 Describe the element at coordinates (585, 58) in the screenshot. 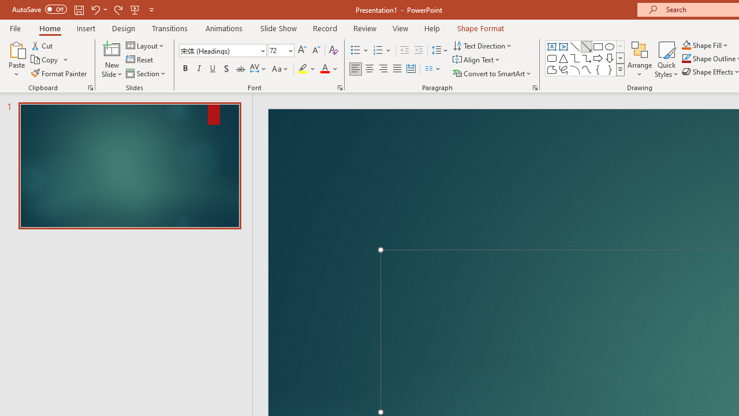

I see `'AutomationID: ShapesInsertGallery'` at that location.